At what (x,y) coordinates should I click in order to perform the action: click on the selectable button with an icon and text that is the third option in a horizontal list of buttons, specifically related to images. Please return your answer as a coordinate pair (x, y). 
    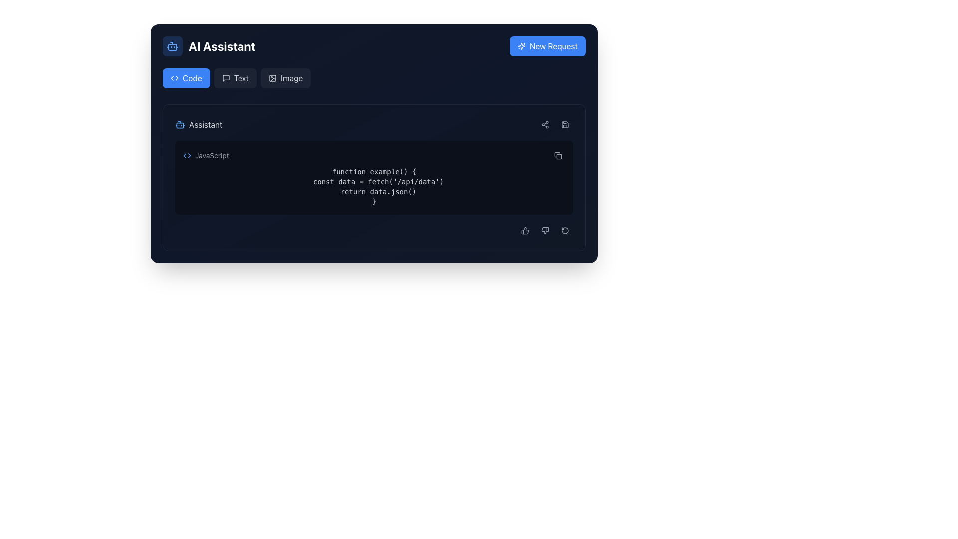
    Looking at the image, I should click on (285, 78).